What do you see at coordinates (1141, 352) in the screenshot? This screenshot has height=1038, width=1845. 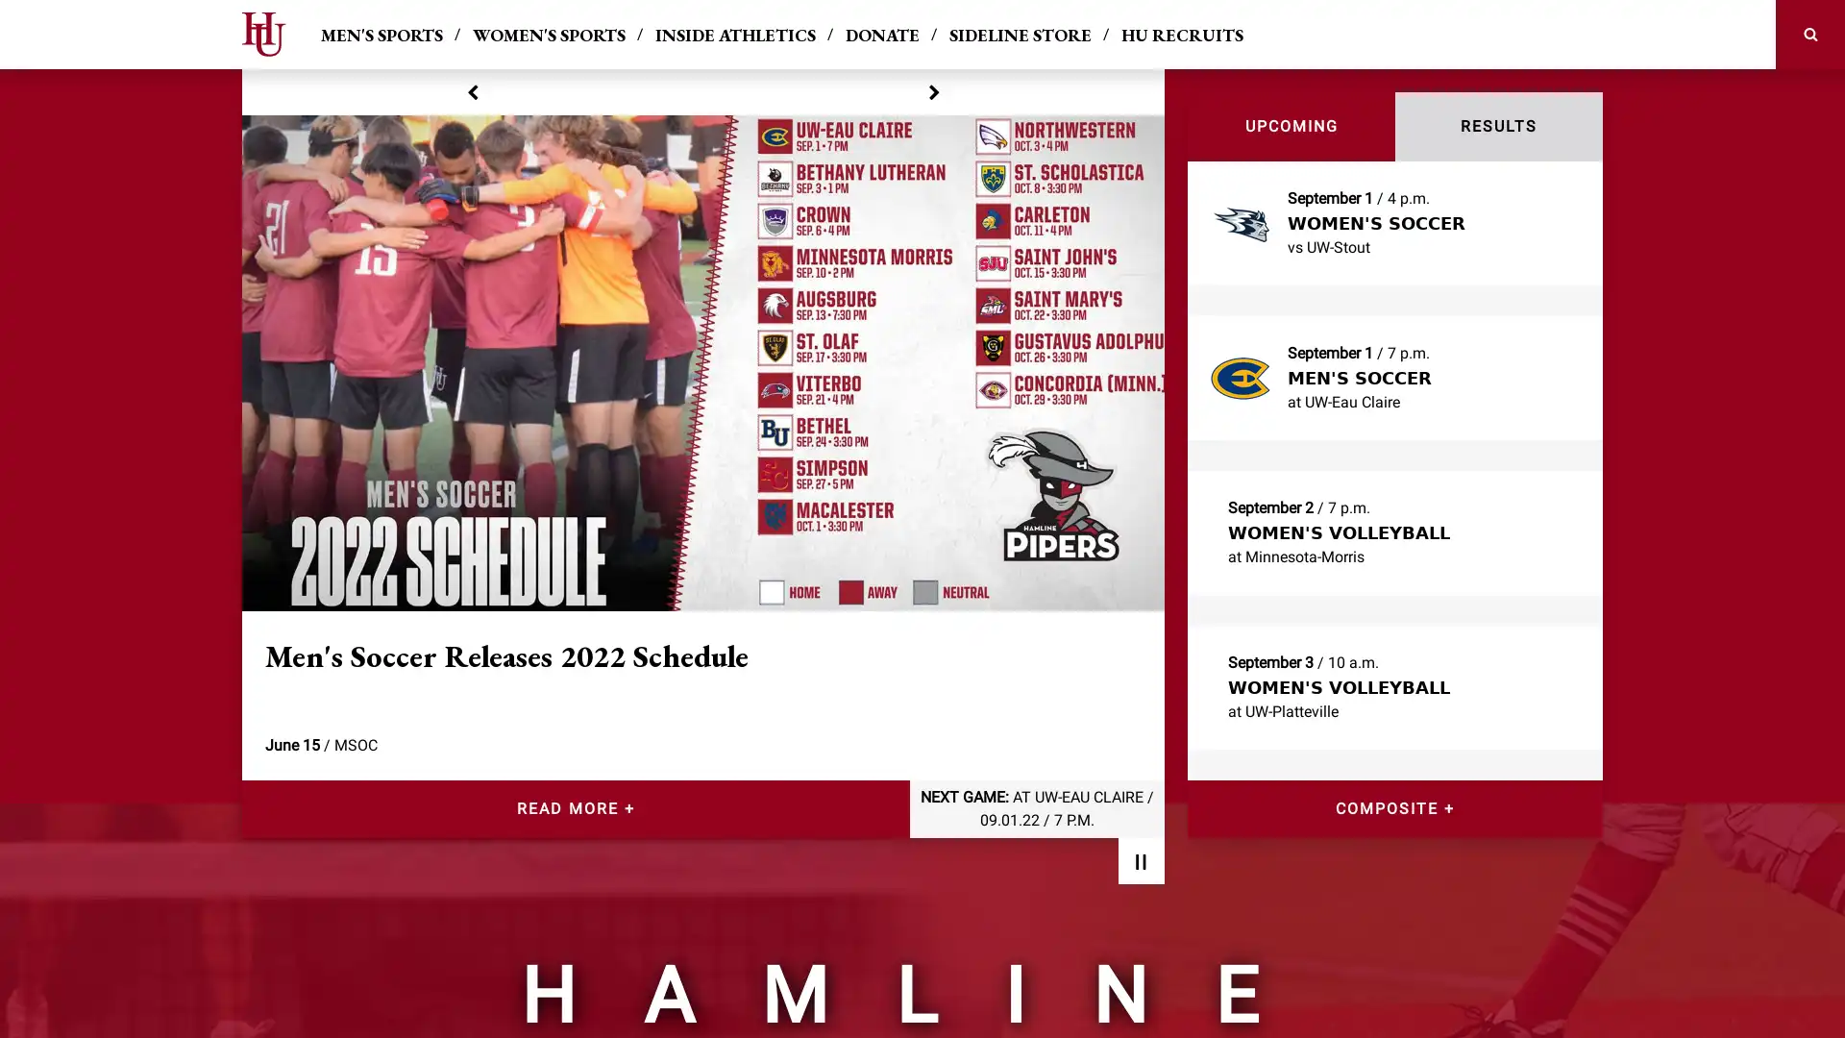 I see `next` at bounding box center [1141, 352].